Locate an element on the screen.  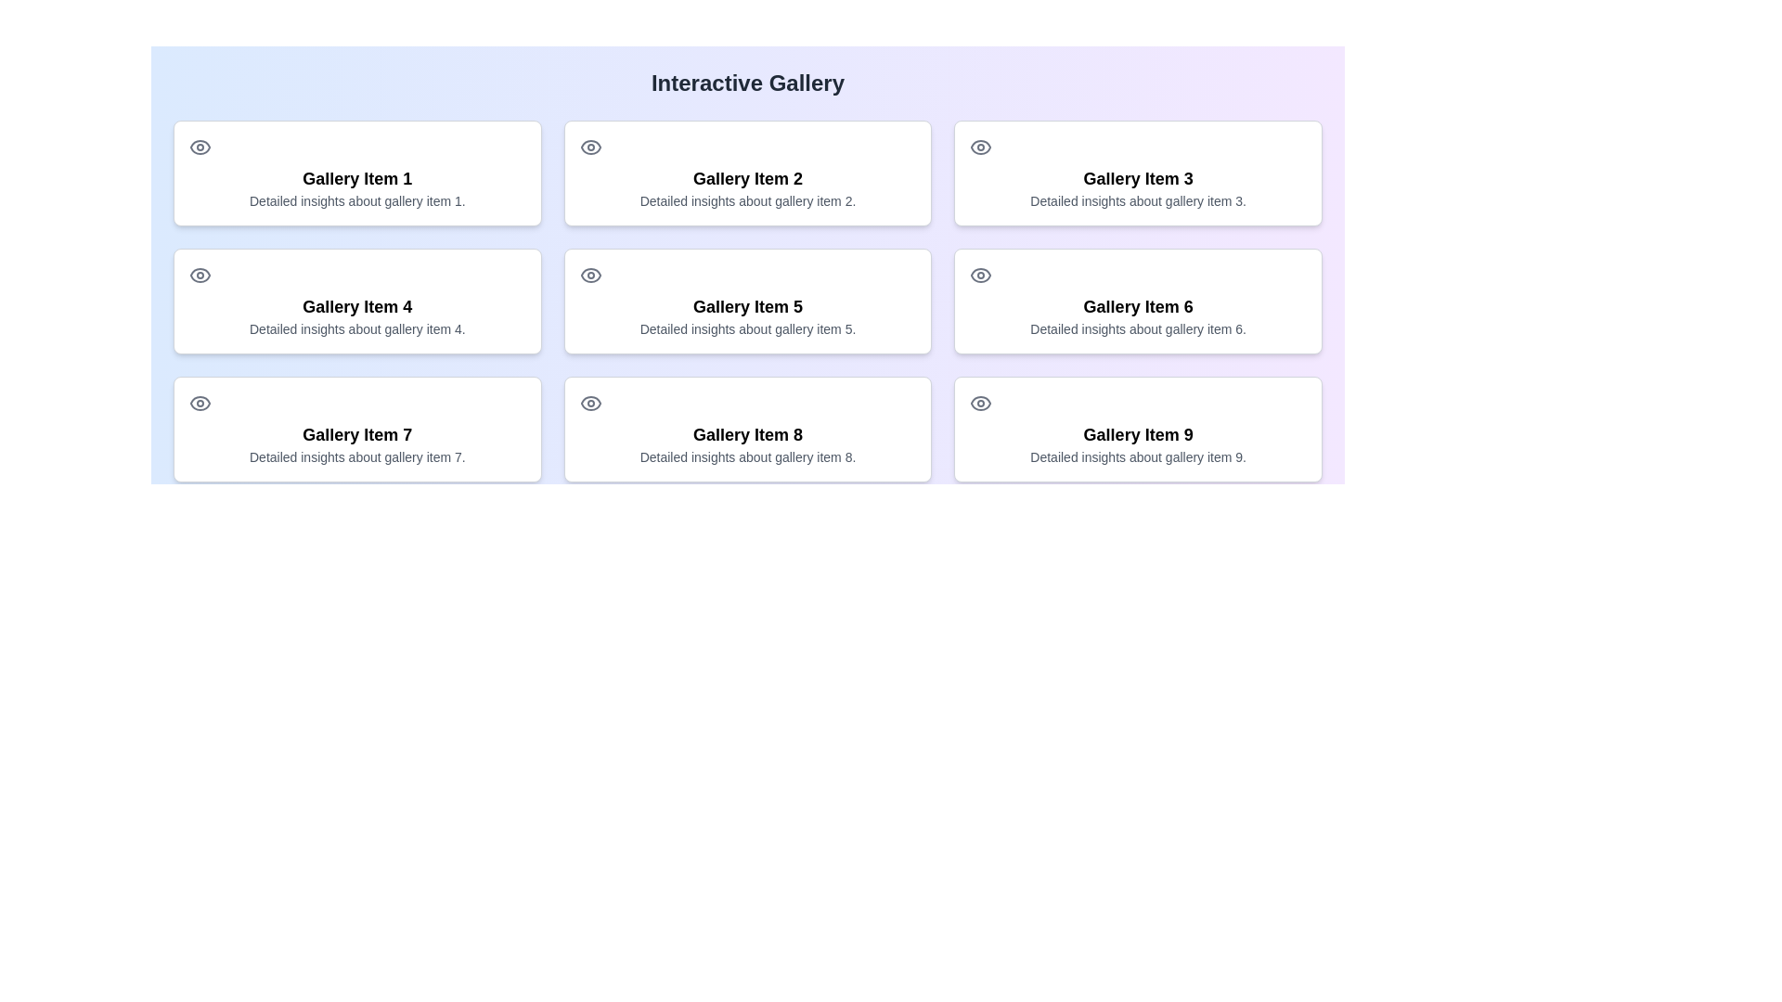
text content of the label that displays 'Gallery Item 9', which is located in the top half of the last card in the gallery grid is located at coordinates (1137, 435).